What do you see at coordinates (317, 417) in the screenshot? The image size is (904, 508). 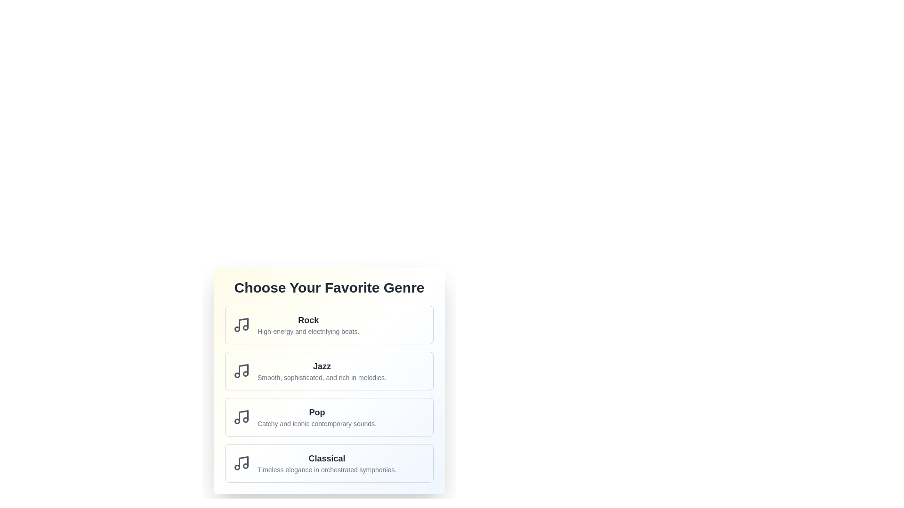 I see `the text label containing 'Pop' and its description 'Catchy and iconic contemporary sounds', located in the third row of the music genres list under 'Choose Your Favorite Genre'` at bounding box center [317, 417].